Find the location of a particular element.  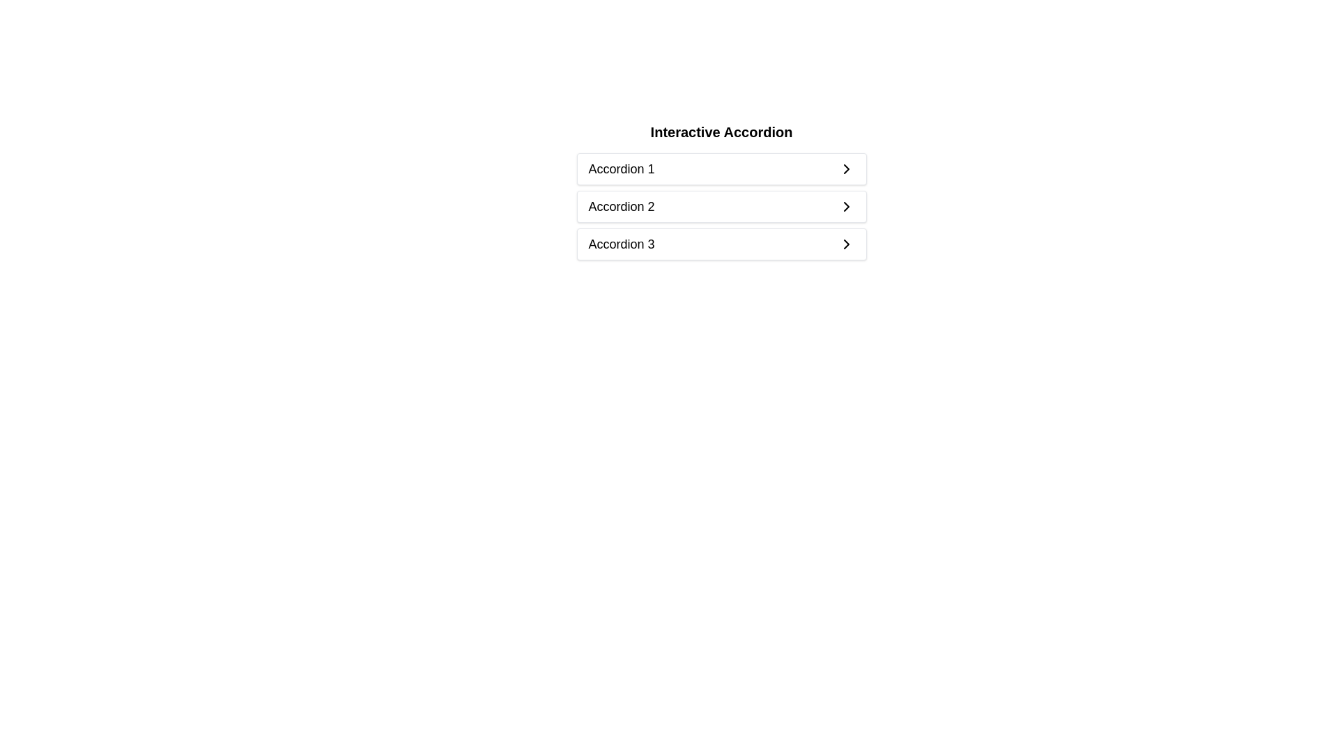

the static text label that displays the name of the first accordion item, located near the left side of the first row in a vertical list of accordion options is located at coordinates (621, 169).